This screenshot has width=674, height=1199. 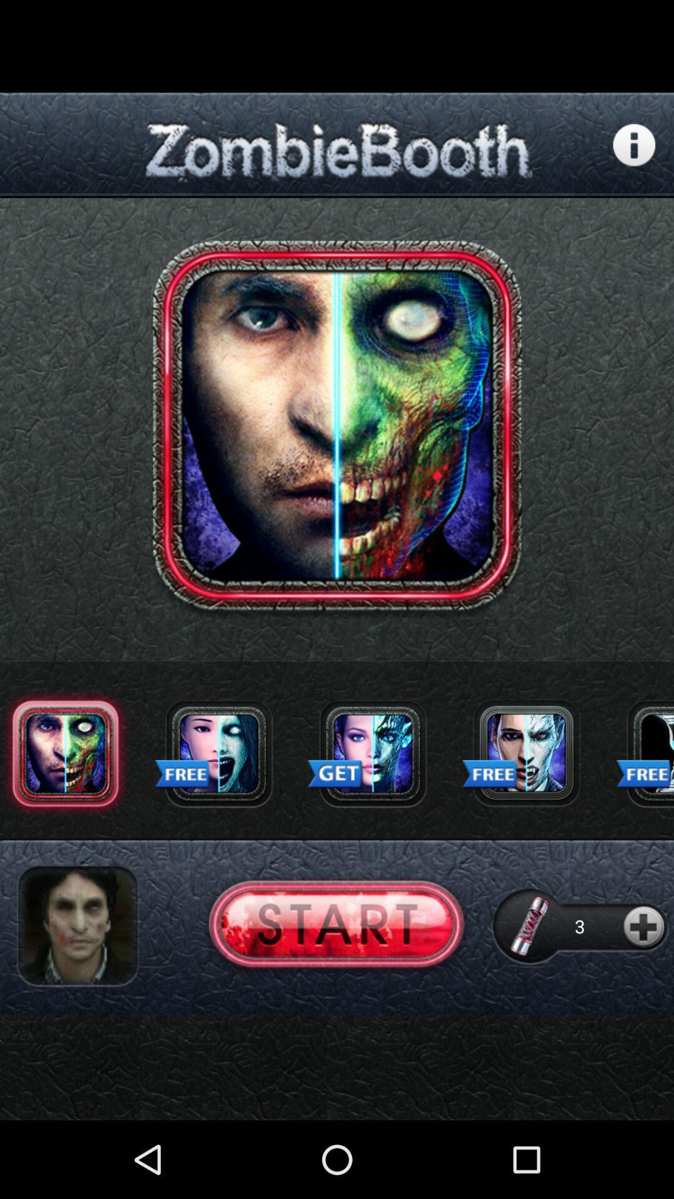 I want to click on the info icon, so click(x=634, y=154).